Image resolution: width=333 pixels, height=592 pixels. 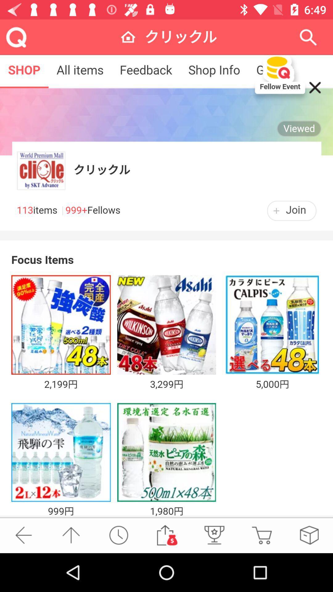 What do you see at coordinates (261, 535) in the screenshot?
I see `the cart icon` at bounding box center [261, 535].